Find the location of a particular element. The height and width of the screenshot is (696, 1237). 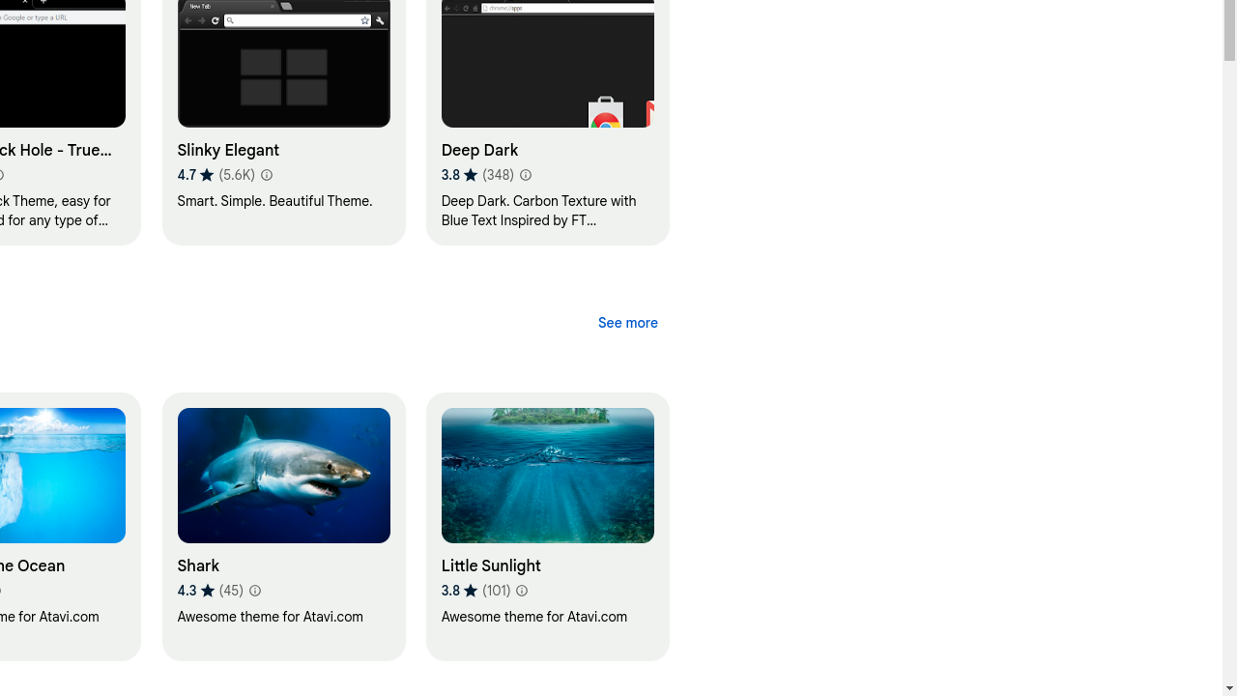

'Learn more about results and reviews "Little Sunlight"' is located at coordinates (521, 589).